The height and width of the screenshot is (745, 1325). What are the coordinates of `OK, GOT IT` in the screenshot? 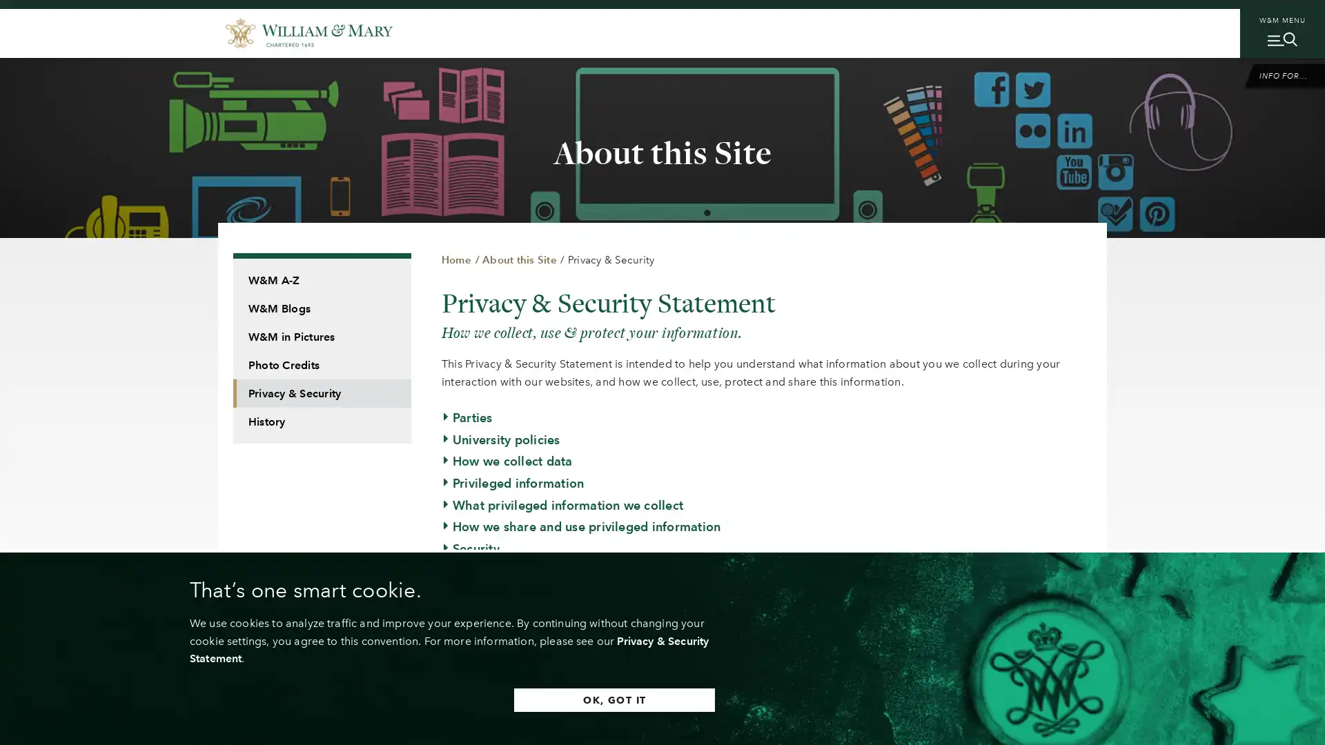 It's located at (614, 699).